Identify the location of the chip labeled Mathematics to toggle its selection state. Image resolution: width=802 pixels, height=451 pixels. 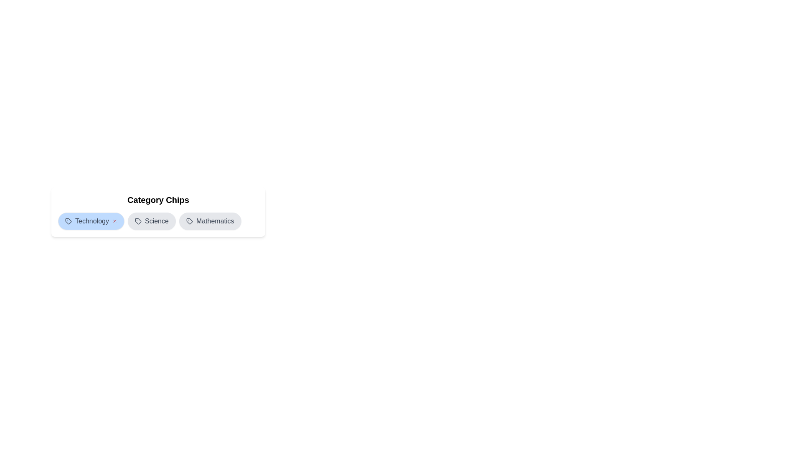
(210, 220).